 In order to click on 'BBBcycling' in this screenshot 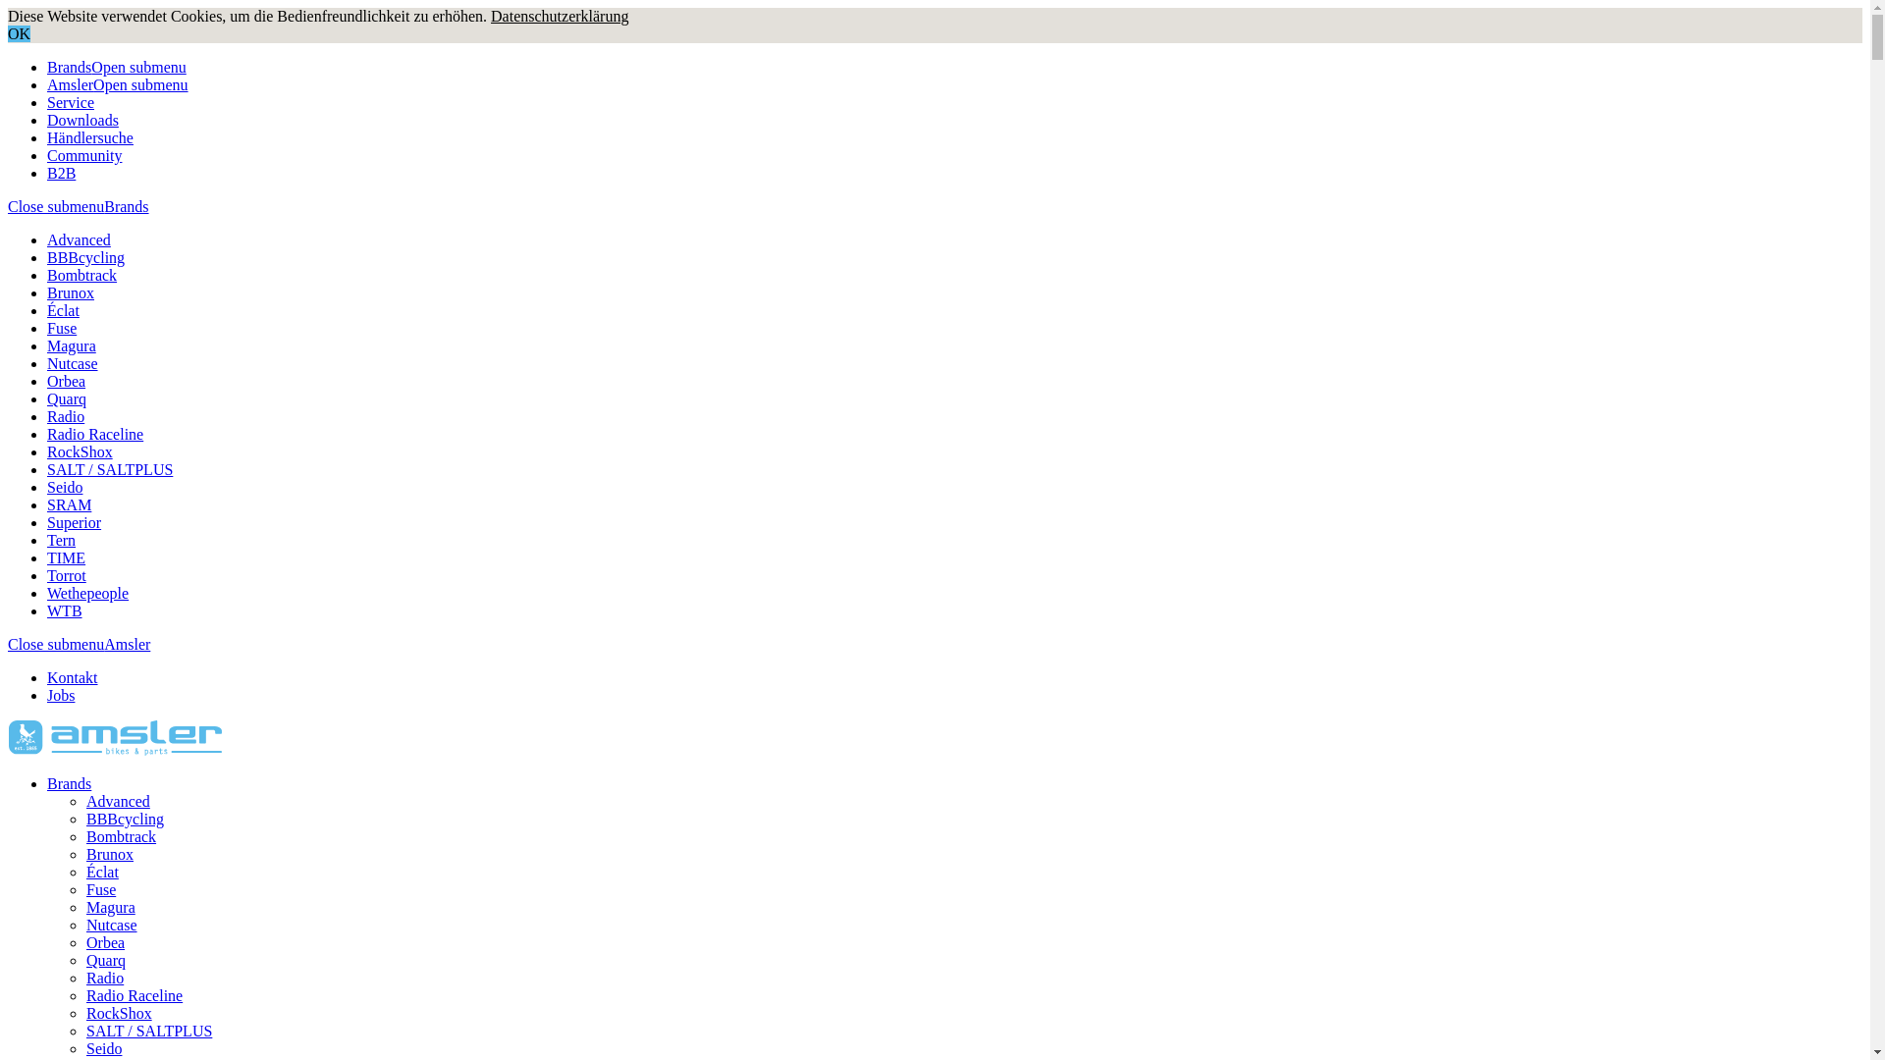, I will do `click(124, 819)`.